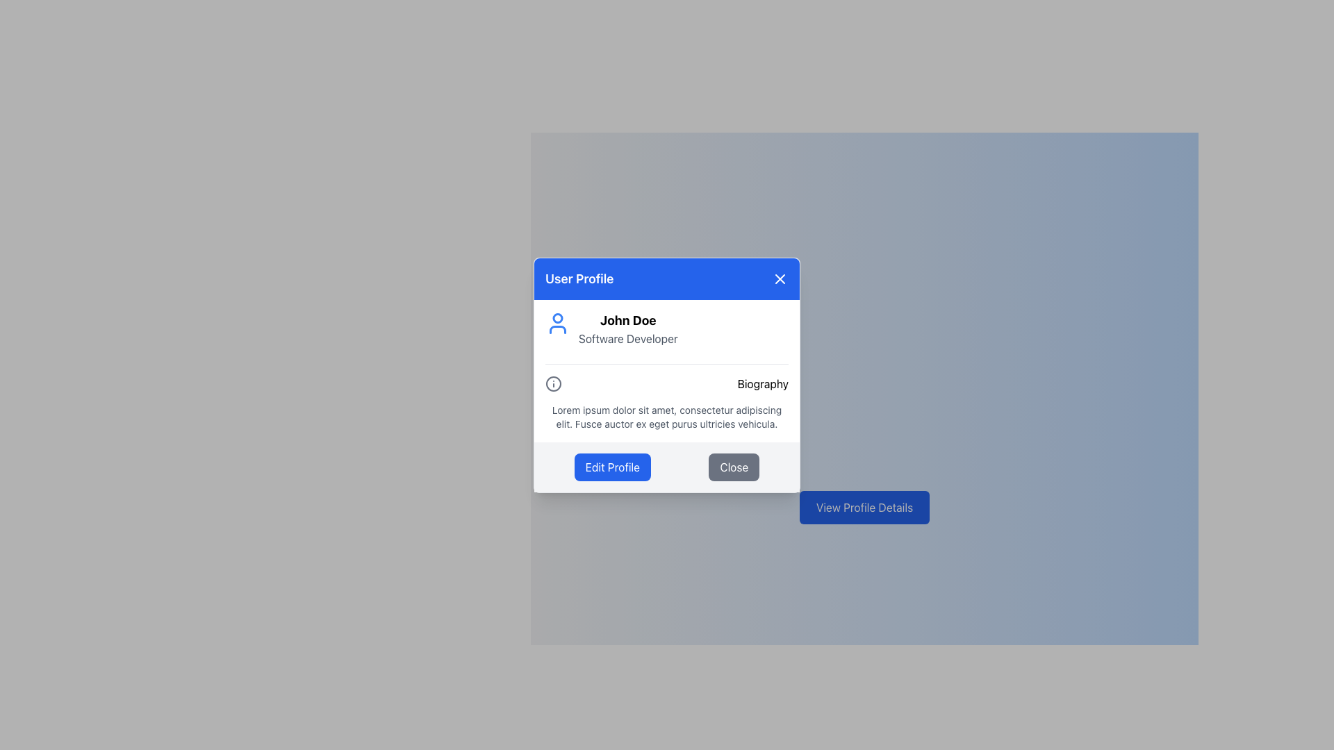 Image resolution: width=1334 pixels, height=750 pixels. I want to click on the static decorative icon representing the user profile, located at the center of the user profile modal dialog box, which enhances visual identification, so click(557, 329).